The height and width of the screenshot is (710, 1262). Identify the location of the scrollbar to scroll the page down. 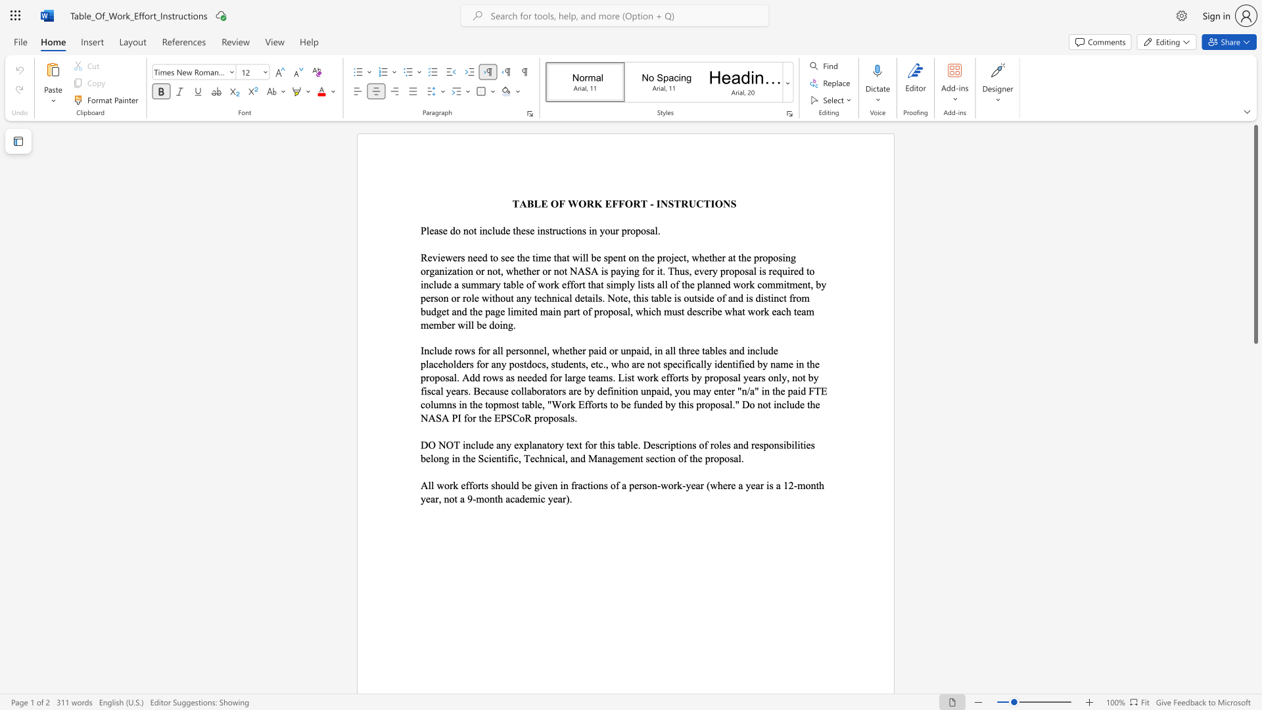
(1255, 413).